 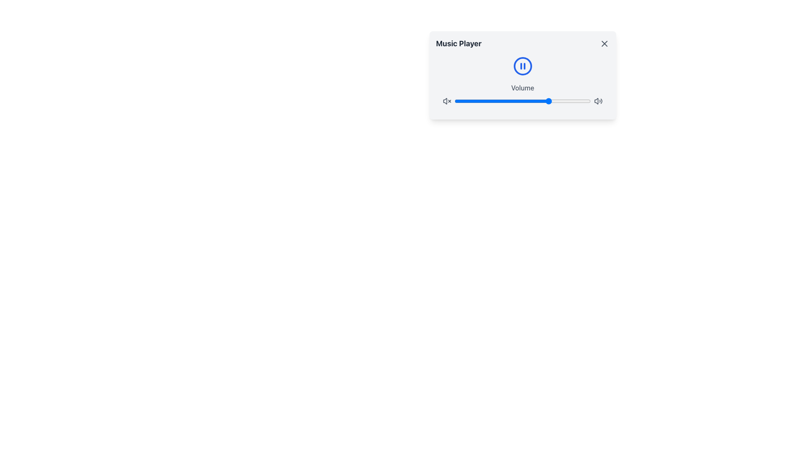 I want to click on the volume slider, so click(x=482, y=101).